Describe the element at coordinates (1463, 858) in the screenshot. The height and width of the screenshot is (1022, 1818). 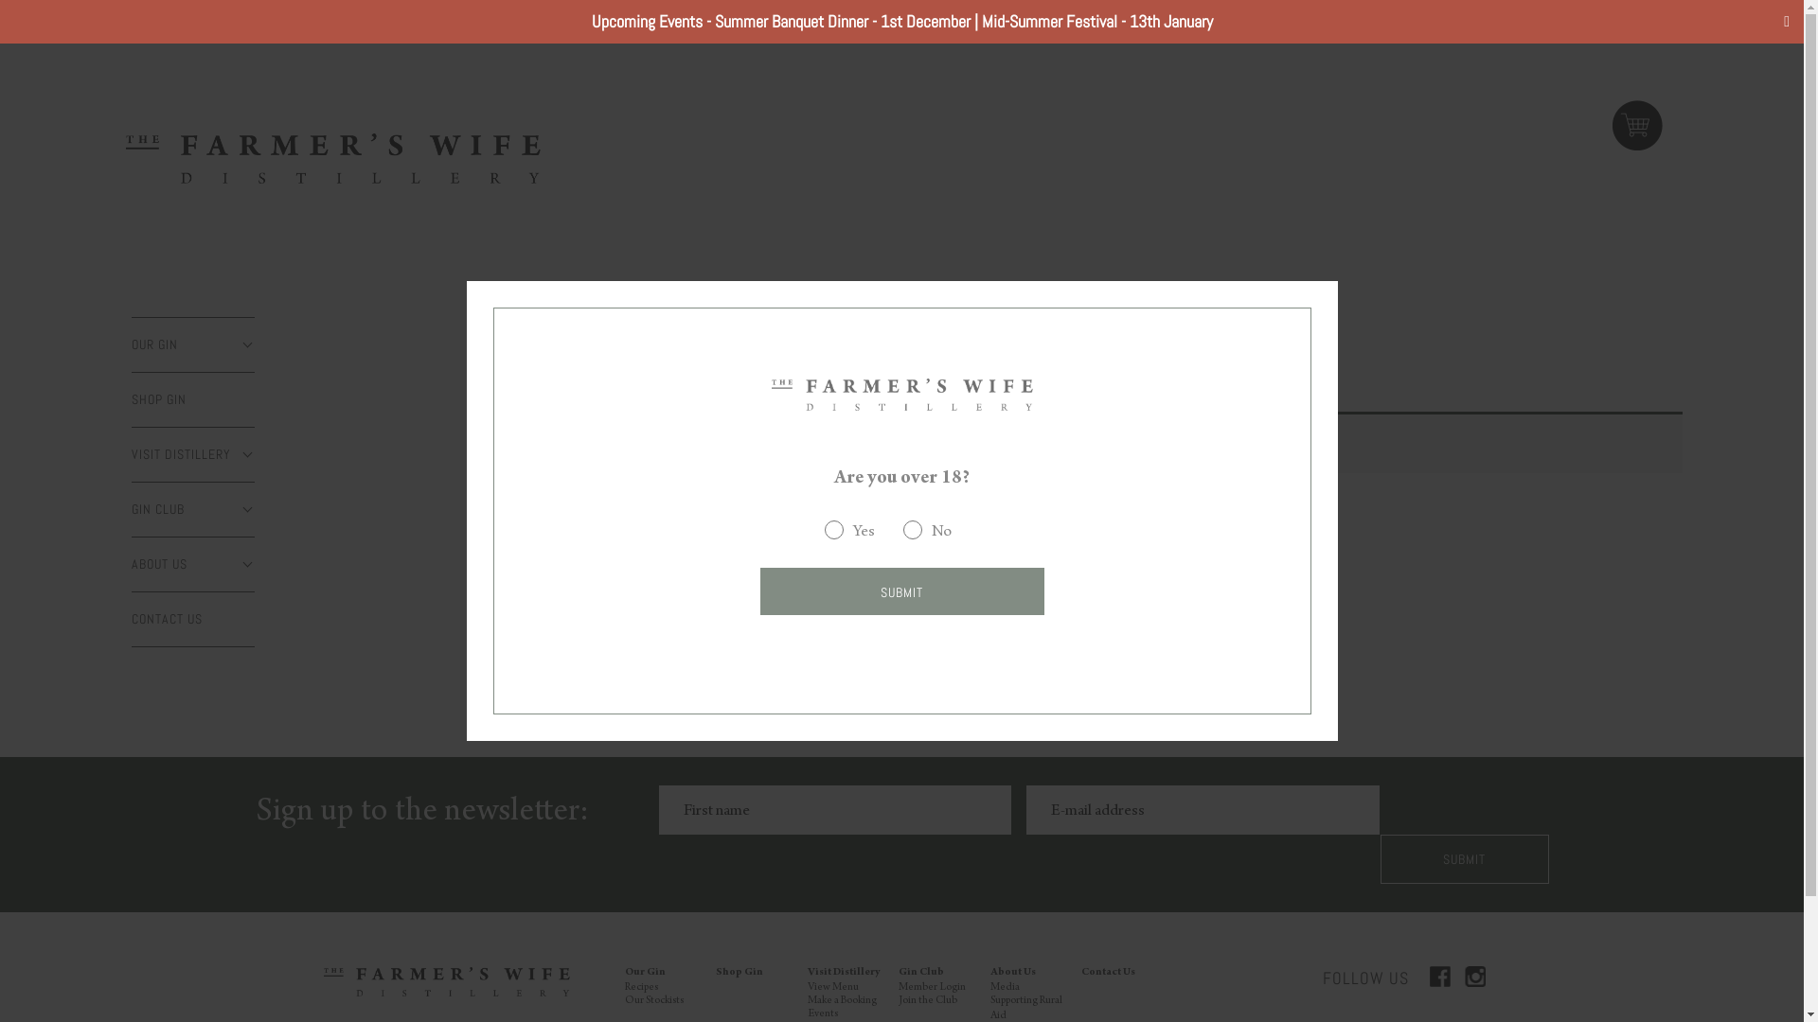
I see `'Submit'` at that location.